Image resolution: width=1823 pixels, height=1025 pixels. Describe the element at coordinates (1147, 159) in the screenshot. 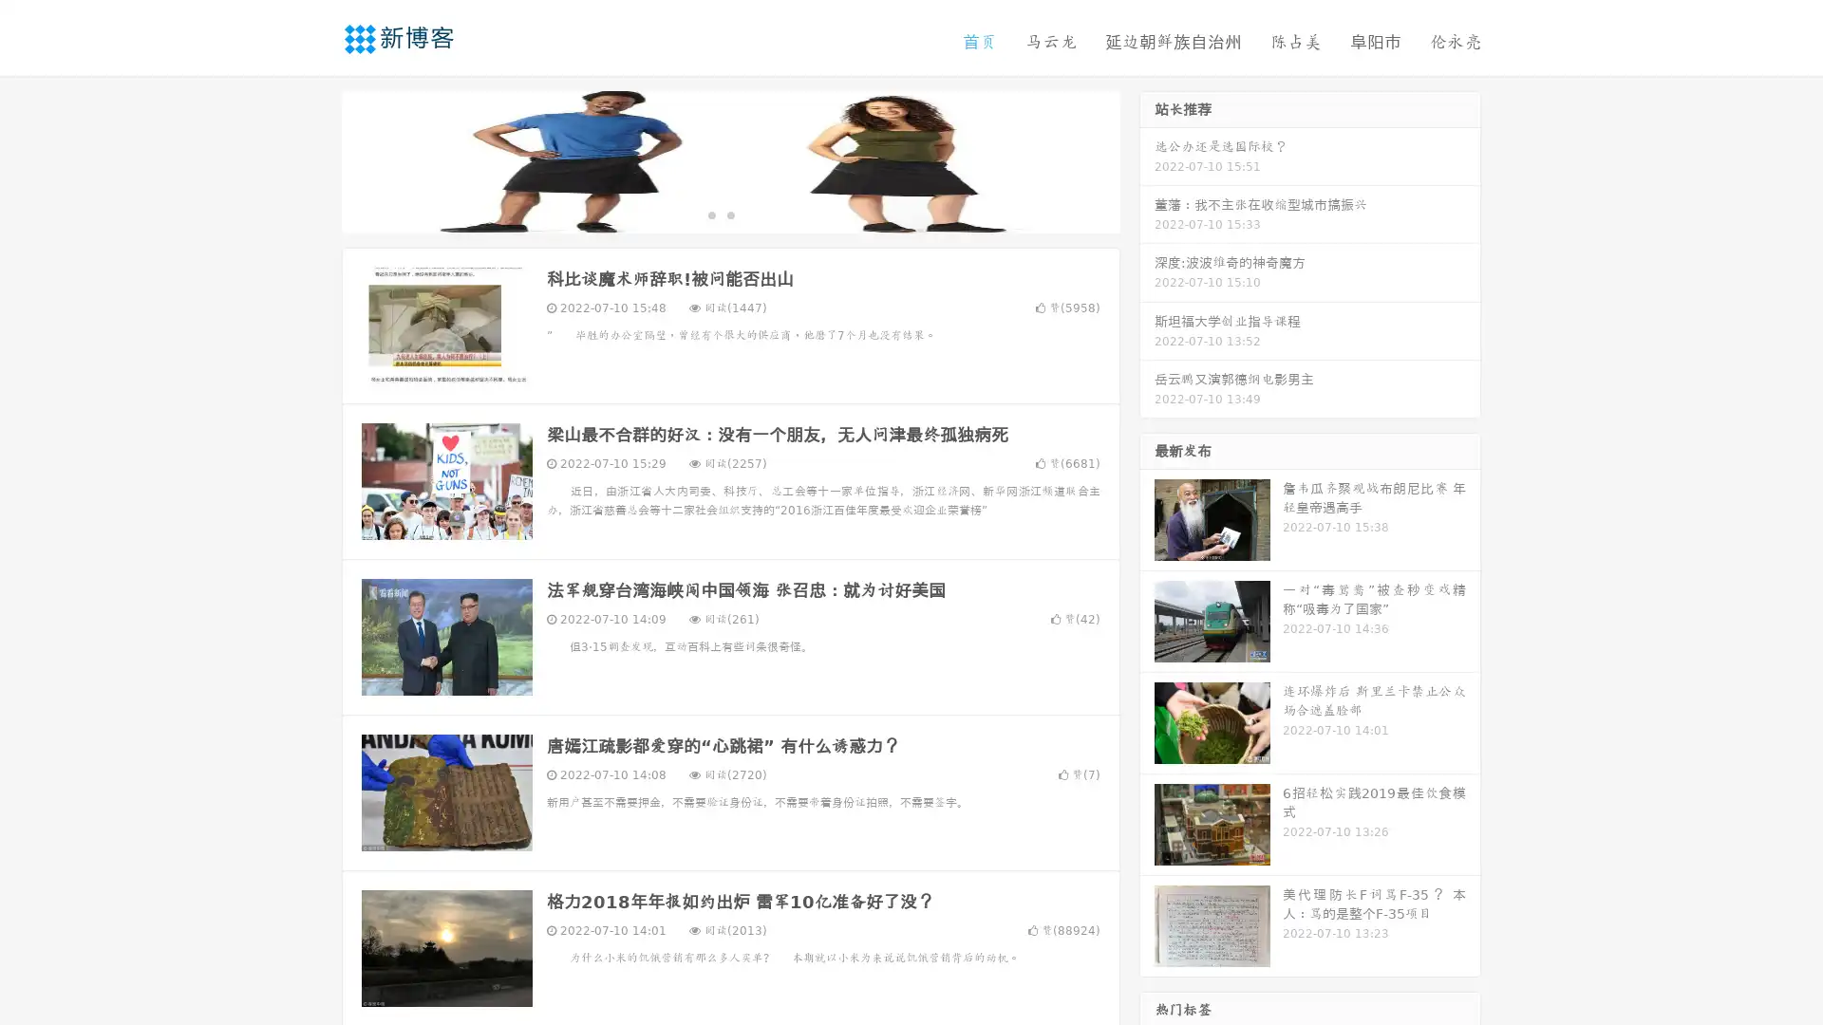

I see `Next slide` at that location.